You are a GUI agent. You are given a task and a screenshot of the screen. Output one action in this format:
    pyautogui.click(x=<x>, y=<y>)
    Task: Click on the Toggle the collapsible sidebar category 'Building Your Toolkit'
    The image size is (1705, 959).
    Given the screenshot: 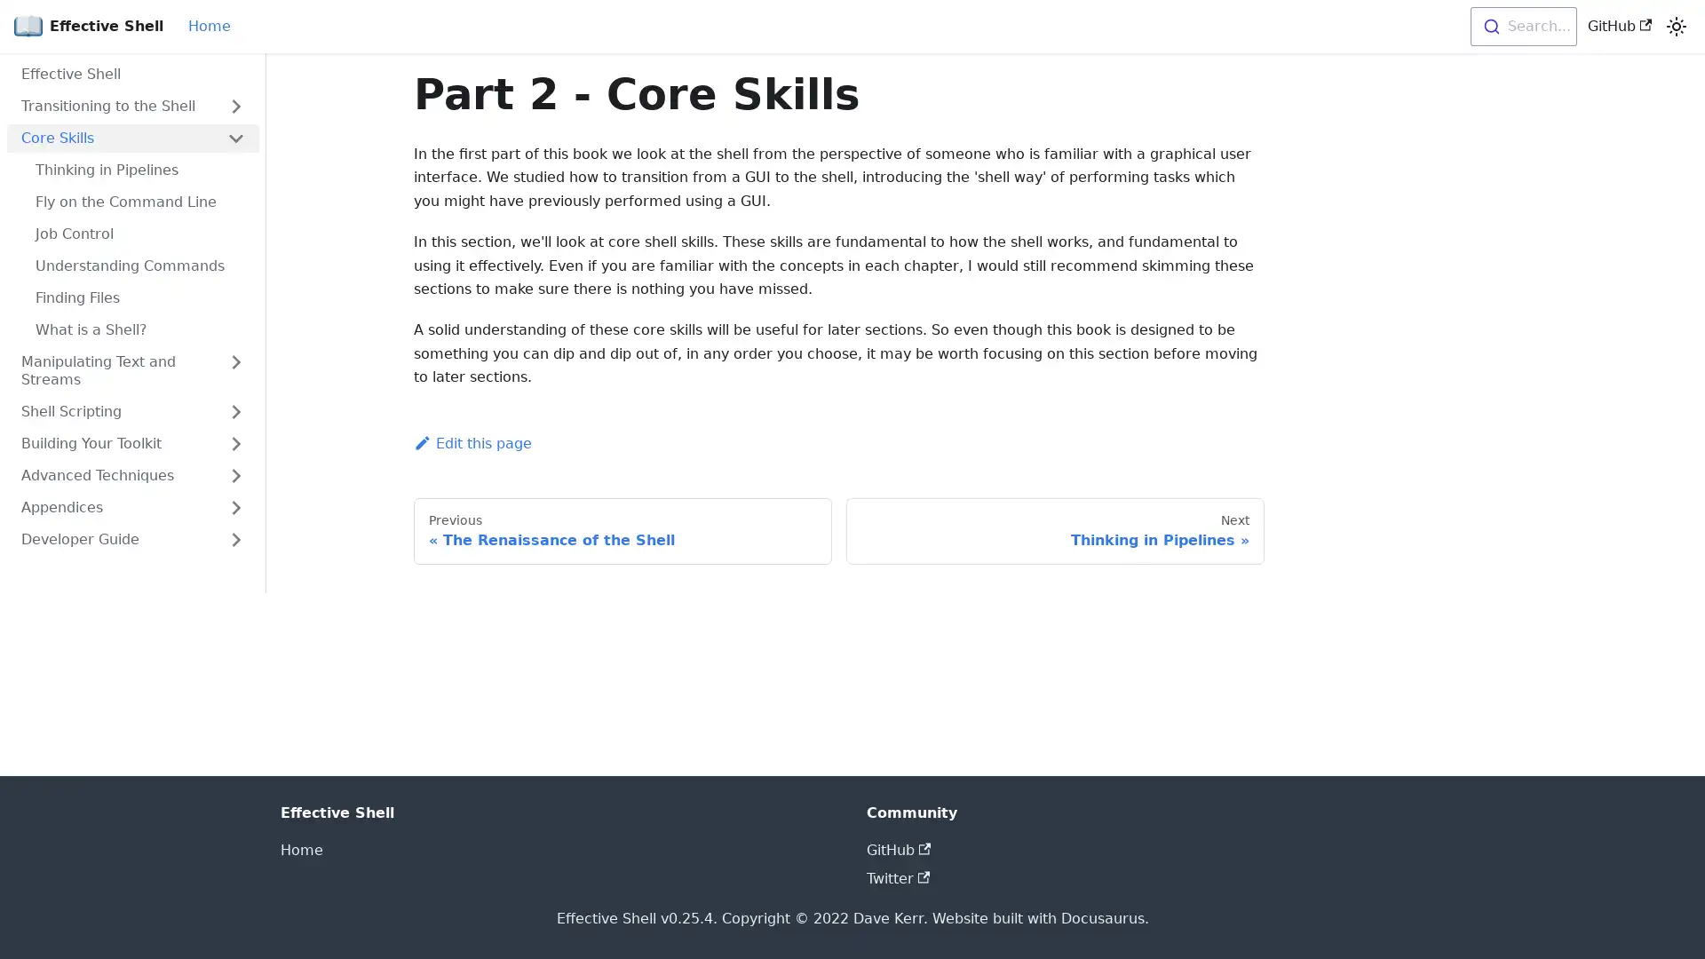 What is the action you would take?
    pyautogui.click(x=234, y=443)
    